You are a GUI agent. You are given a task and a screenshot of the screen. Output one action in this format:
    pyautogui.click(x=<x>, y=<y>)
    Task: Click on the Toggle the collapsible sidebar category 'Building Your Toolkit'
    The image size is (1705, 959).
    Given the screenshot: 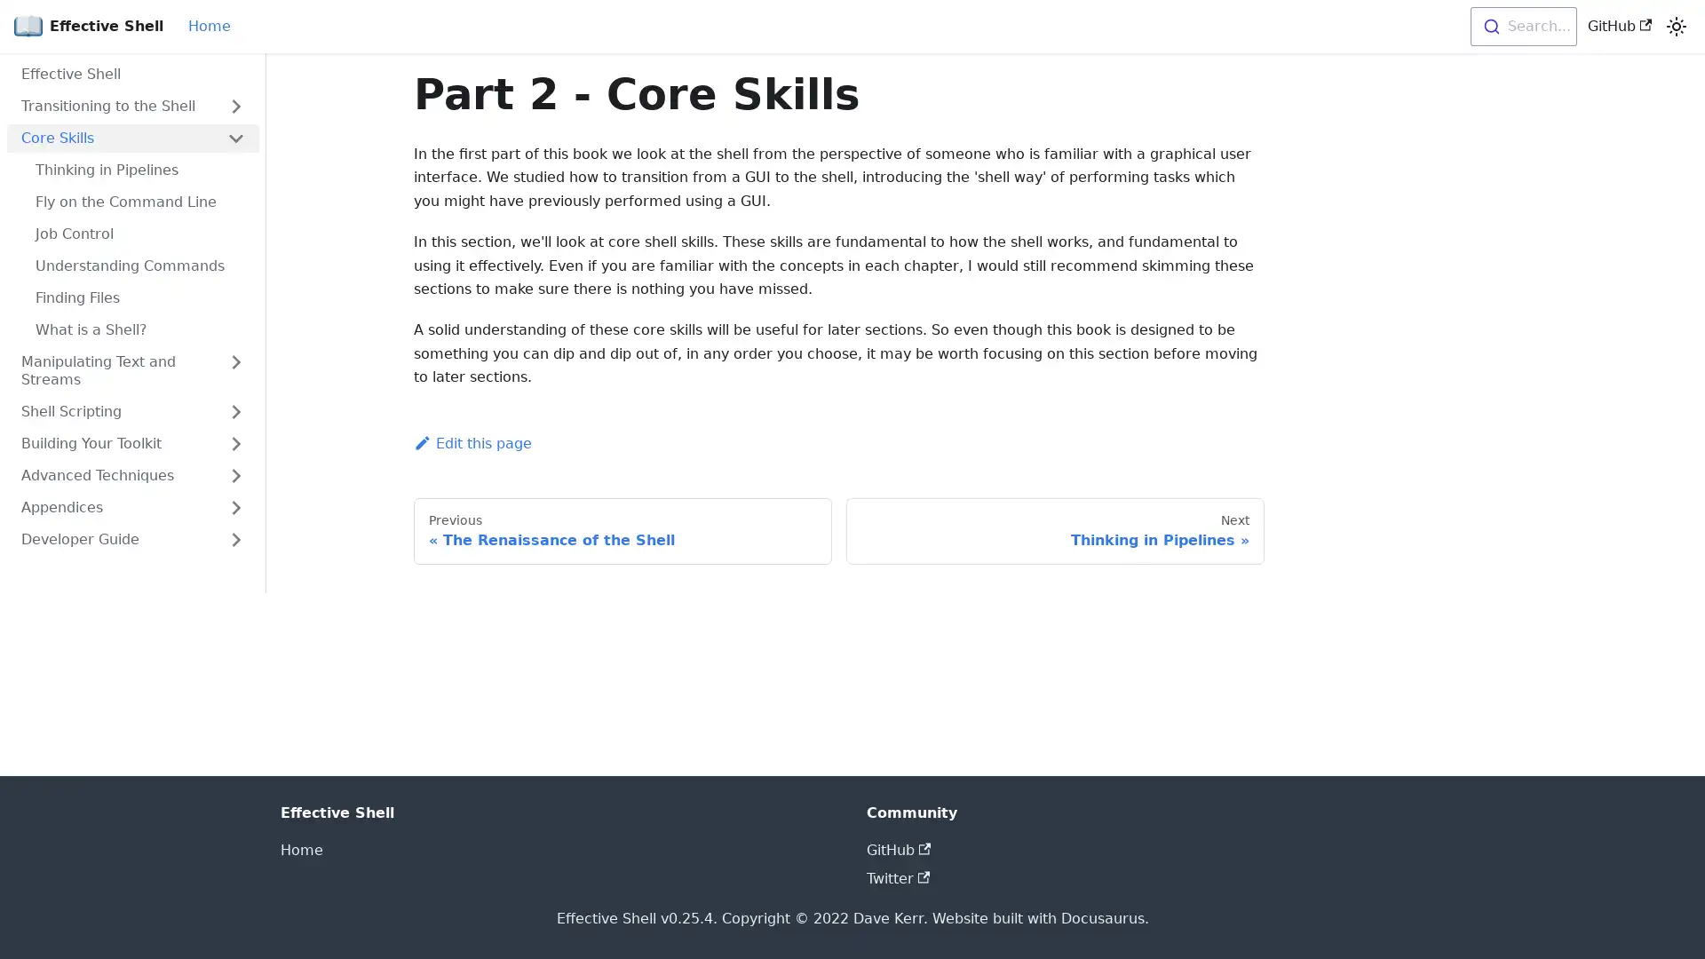 What is the action you would take?
    pyautogui.click(x=234, y=443)
    